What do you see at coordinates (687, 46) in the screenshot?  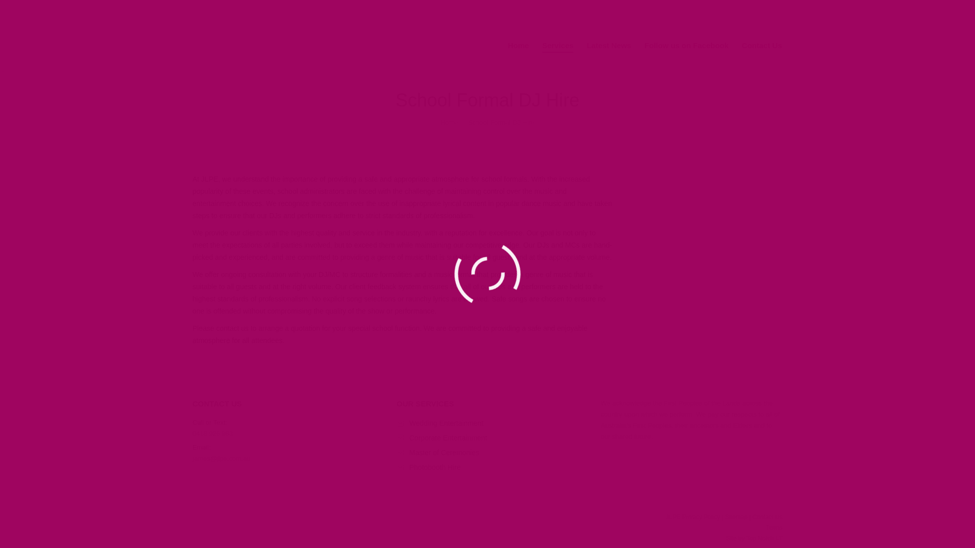 I see `'Follow us on Facebook'` at bounding box center [687, 46].